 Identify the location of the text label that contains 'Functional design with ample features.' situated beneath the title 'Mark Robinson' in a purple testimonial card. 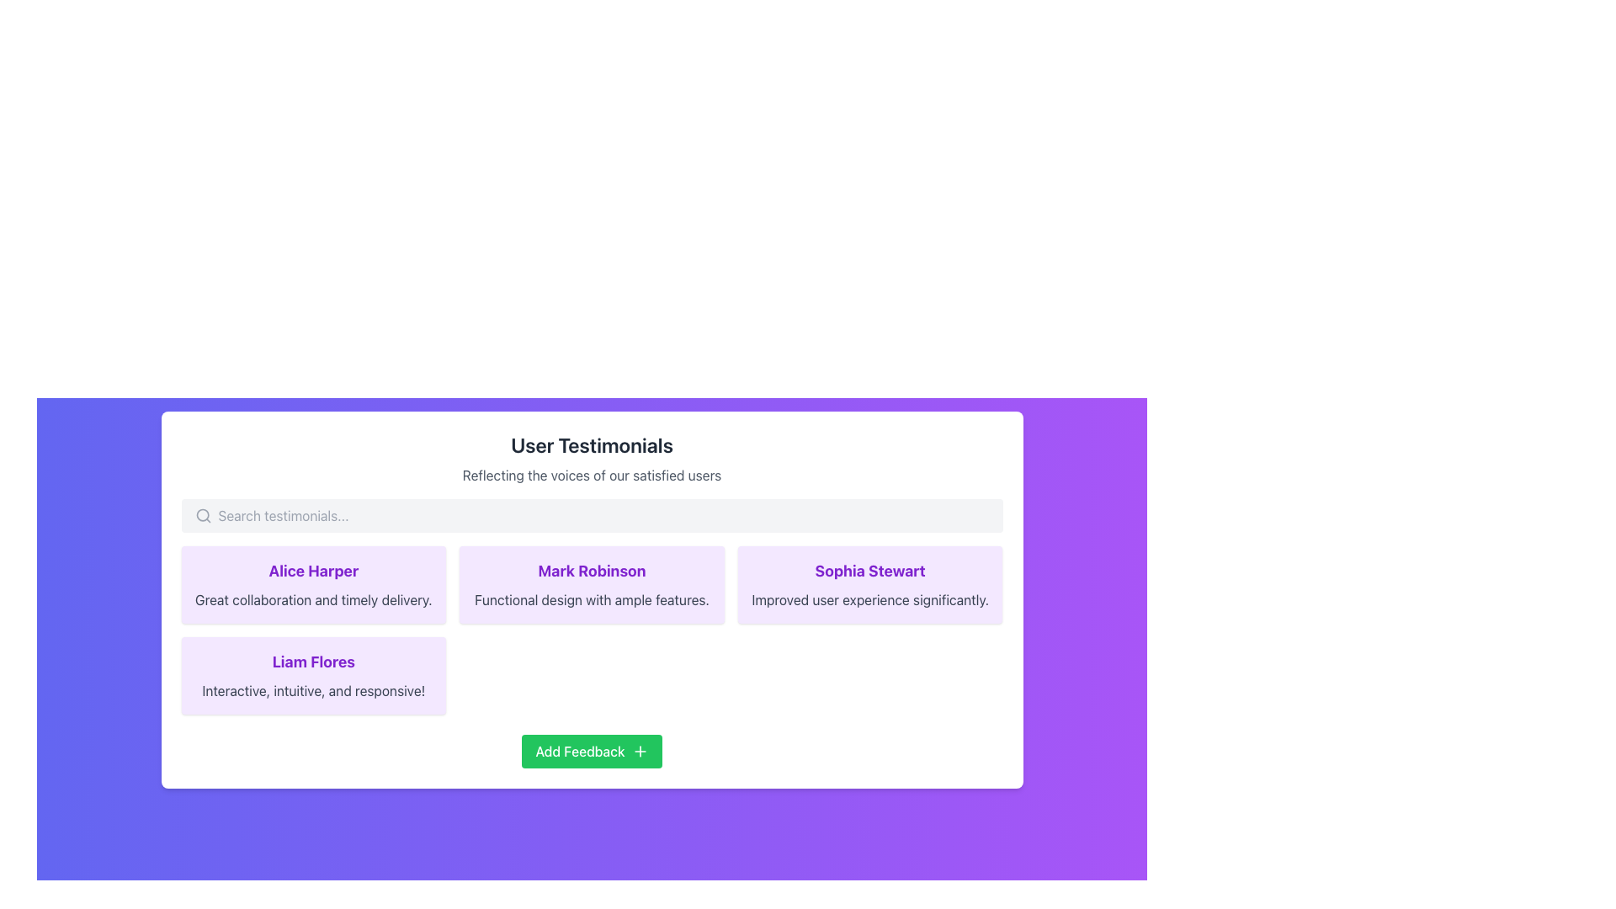
(592, 599).